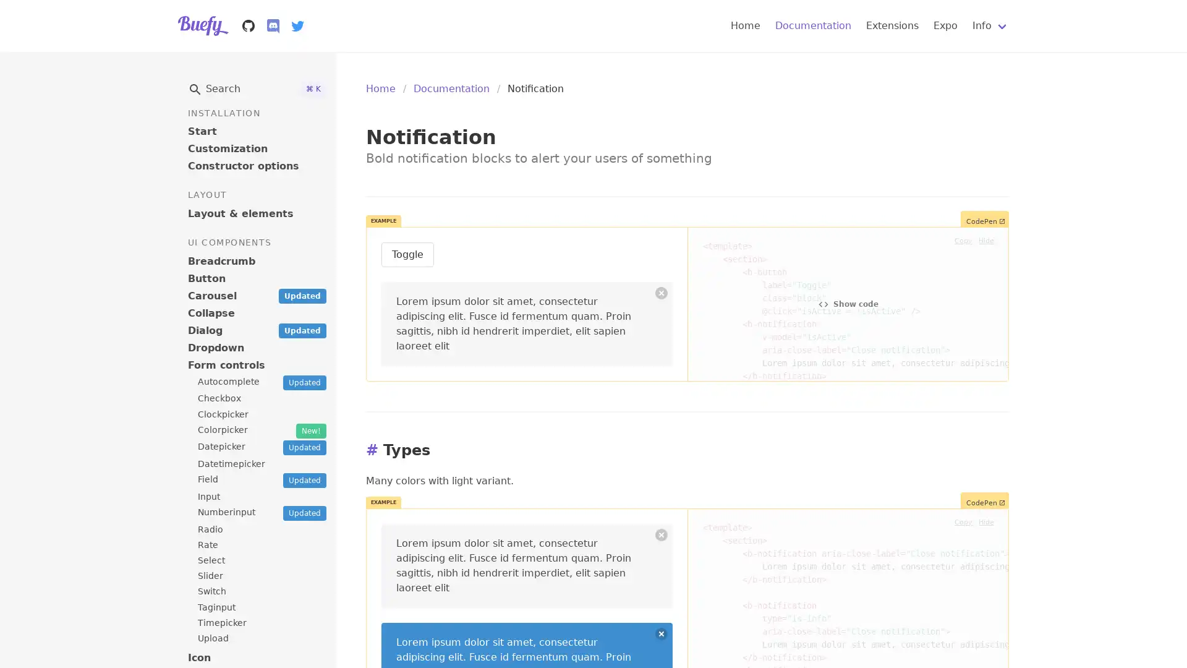 This screenshot has width=1187, height=668. I want to click on Search, so click(257, 88).